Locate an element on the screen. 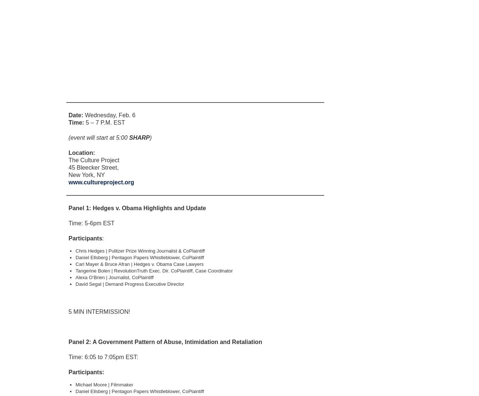  ')' is located at coordinates (150, 137).